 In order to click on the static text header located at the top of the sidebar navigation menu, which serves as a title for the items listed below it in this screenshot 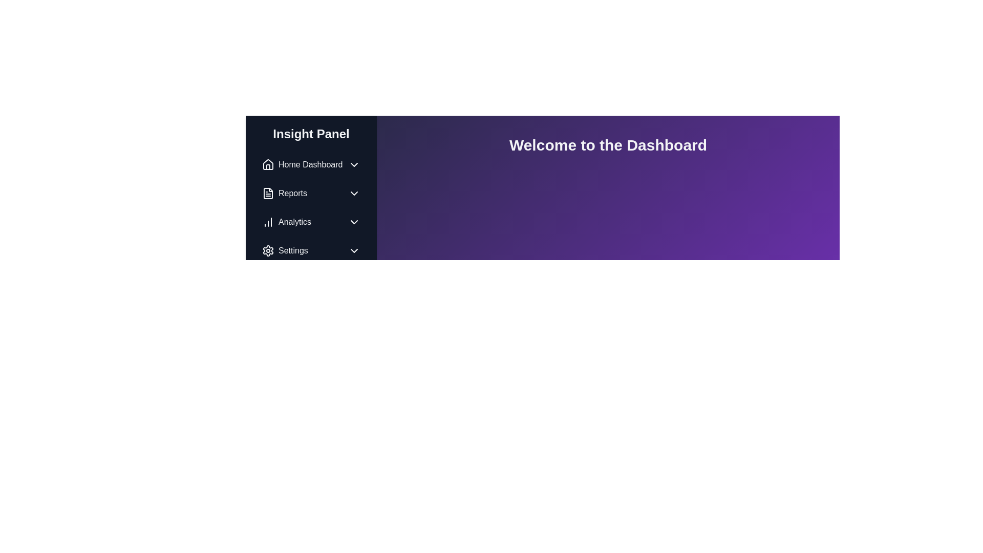, I will do `click(311, 134)`.